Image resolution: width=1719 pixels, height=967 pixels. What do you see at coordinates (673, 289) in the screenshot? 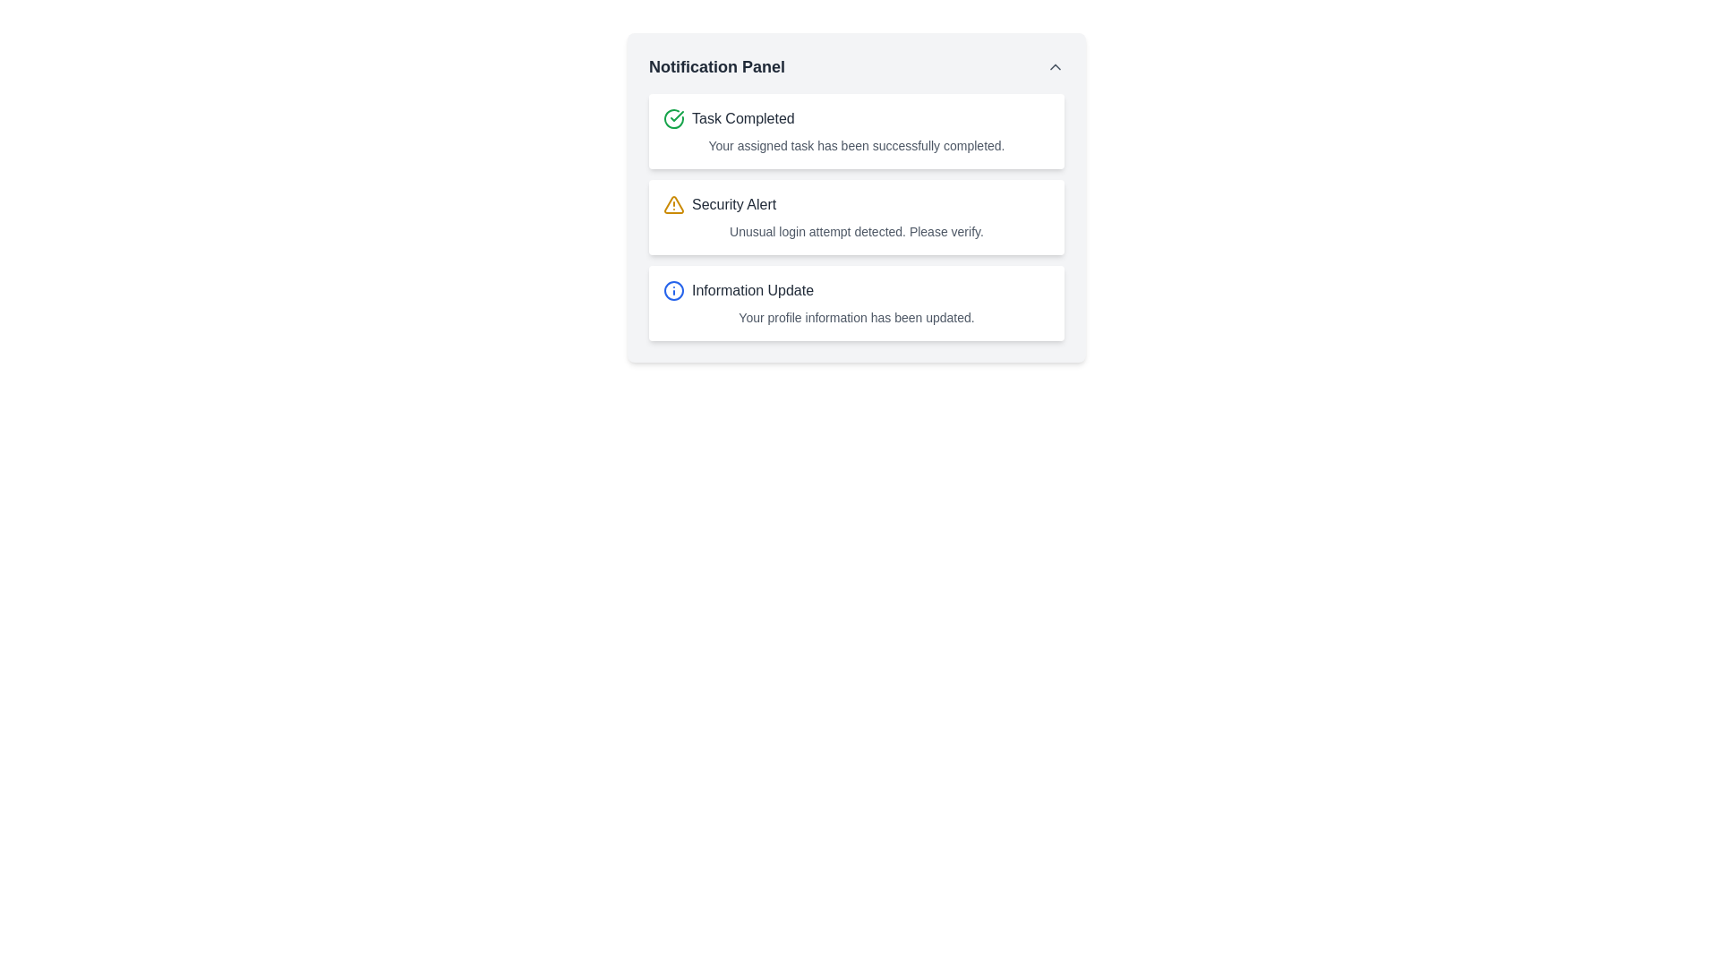
I see `the information icon represented by a blue circular border with an 'i' glyph, located to the left of the text 'Information Update' in the third item of the notification panel` at bounding box center [673, 289].